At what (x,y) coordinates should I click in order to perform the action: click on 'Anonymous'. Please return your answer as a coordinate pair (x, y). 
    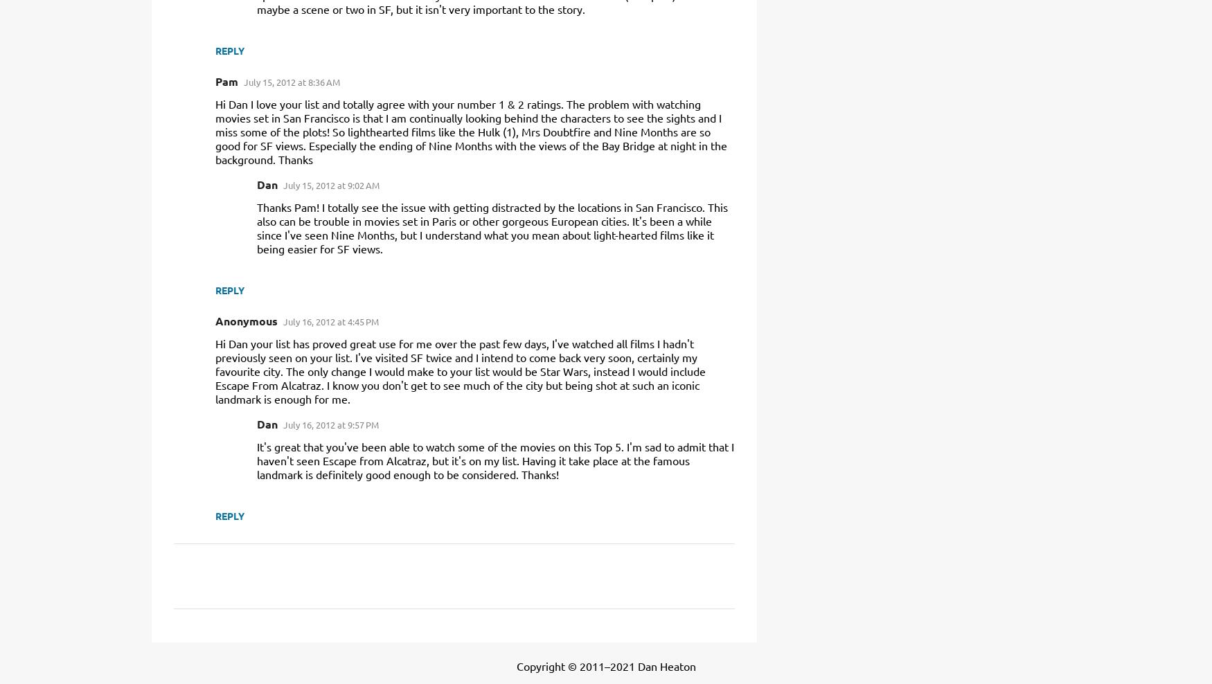
    Looking at the image, I should click on (214, 321).